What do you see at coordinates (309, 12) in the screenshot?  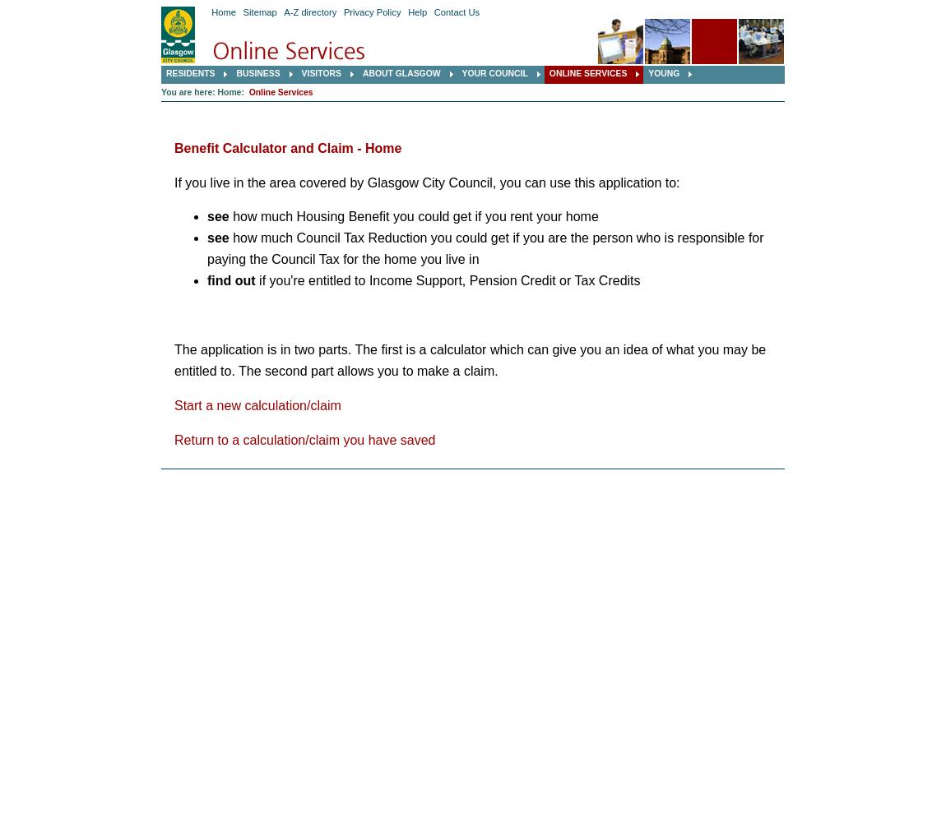 I see `'A-Z directory'` at bounding box center [309, 12].